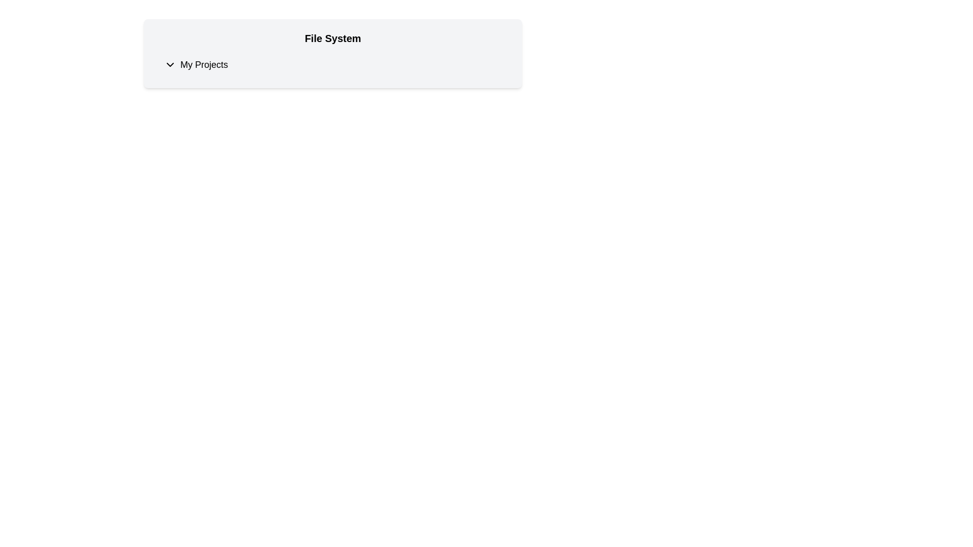  What do you see at coordinates (204, 64) in the screenshot?
I see `the 'My Projects' text label to read its content` at bounding box center [204, 64].